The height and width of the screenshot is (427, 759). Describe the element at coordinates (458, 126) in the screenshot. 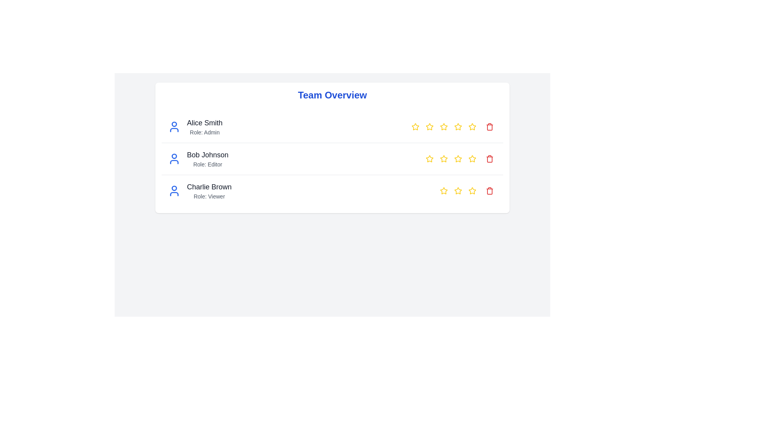

I see `and drop the fourth star in the Rating Star Icon series for 'Alice Smith - Role: Admin' in the 'Team Overview' table` at that location.